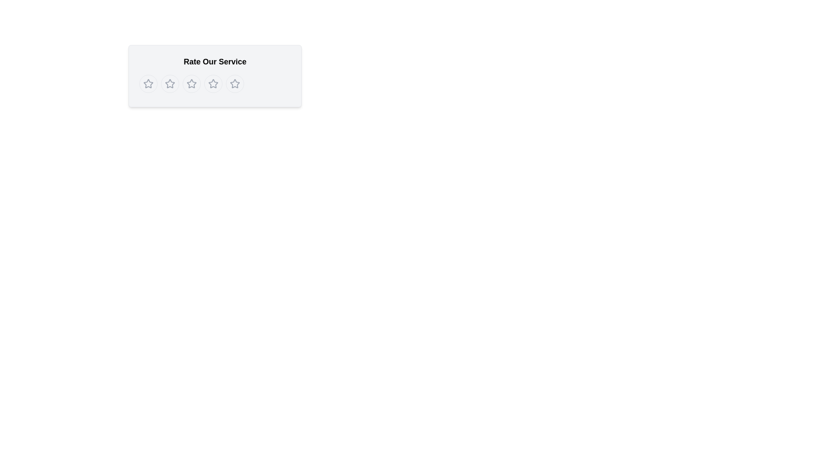  I want to click on keyboard navigation, so click(170, 83).